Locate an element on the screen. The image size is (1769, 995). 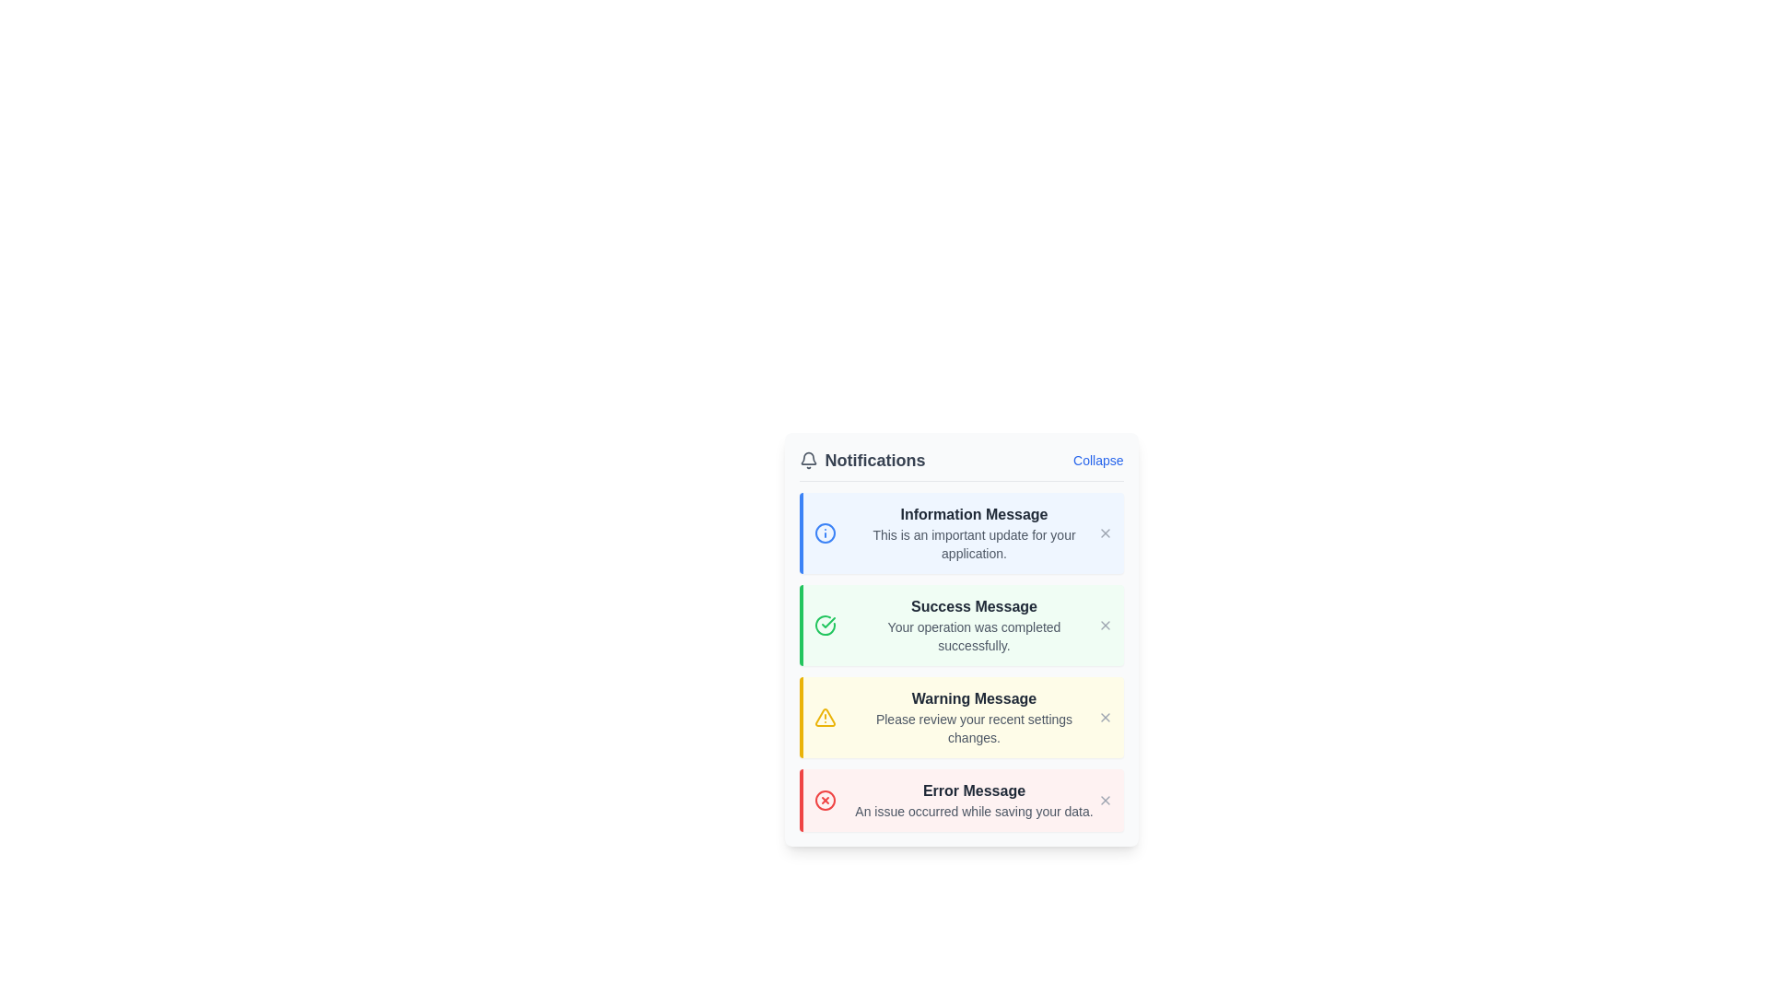
text label that states 'Please review your recent settings changes.' positioned within the notification interface under the title 'Warning Message' is located at coordinates (973, 727).